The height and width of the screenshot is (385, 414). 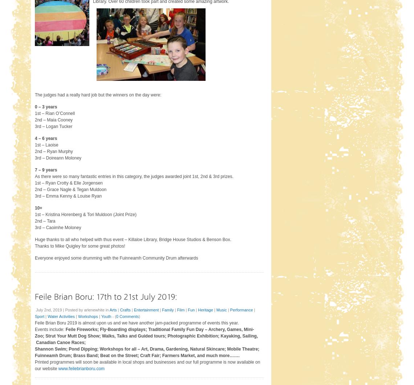 What do you see at coordinates (51, 348) in the screenshot?
I see `'Shannon Swim;'` at bounding box center [51, 348].